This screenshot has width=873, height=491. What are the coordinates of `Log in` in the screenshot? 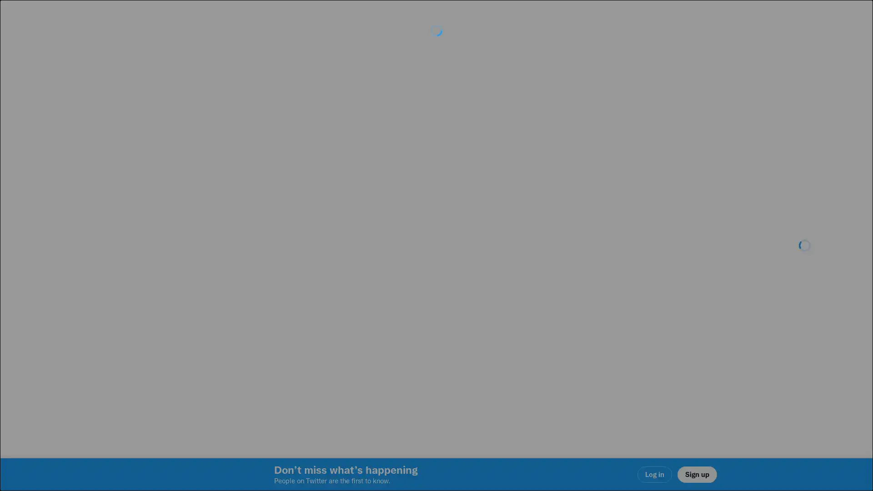 It's located at (546, 310).